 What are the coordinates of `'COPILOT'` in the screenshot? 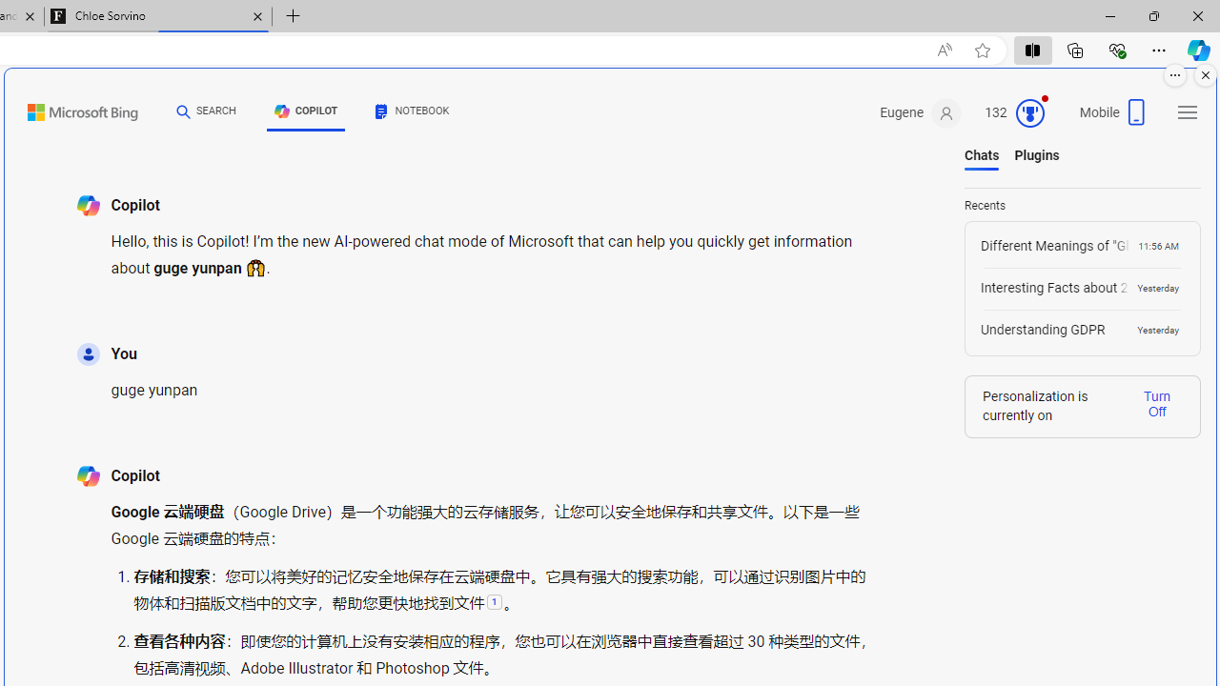 It's located at (306, 114).